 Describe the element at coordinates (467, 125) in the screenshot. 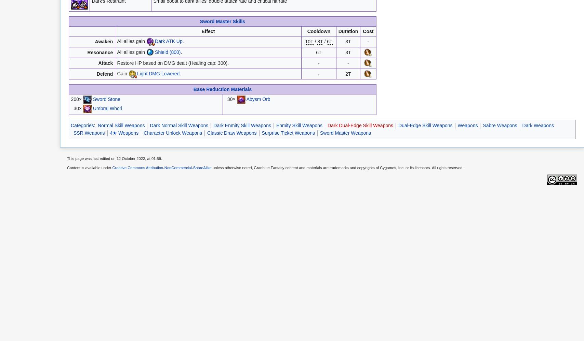

I see `'Weapons'` at that location.